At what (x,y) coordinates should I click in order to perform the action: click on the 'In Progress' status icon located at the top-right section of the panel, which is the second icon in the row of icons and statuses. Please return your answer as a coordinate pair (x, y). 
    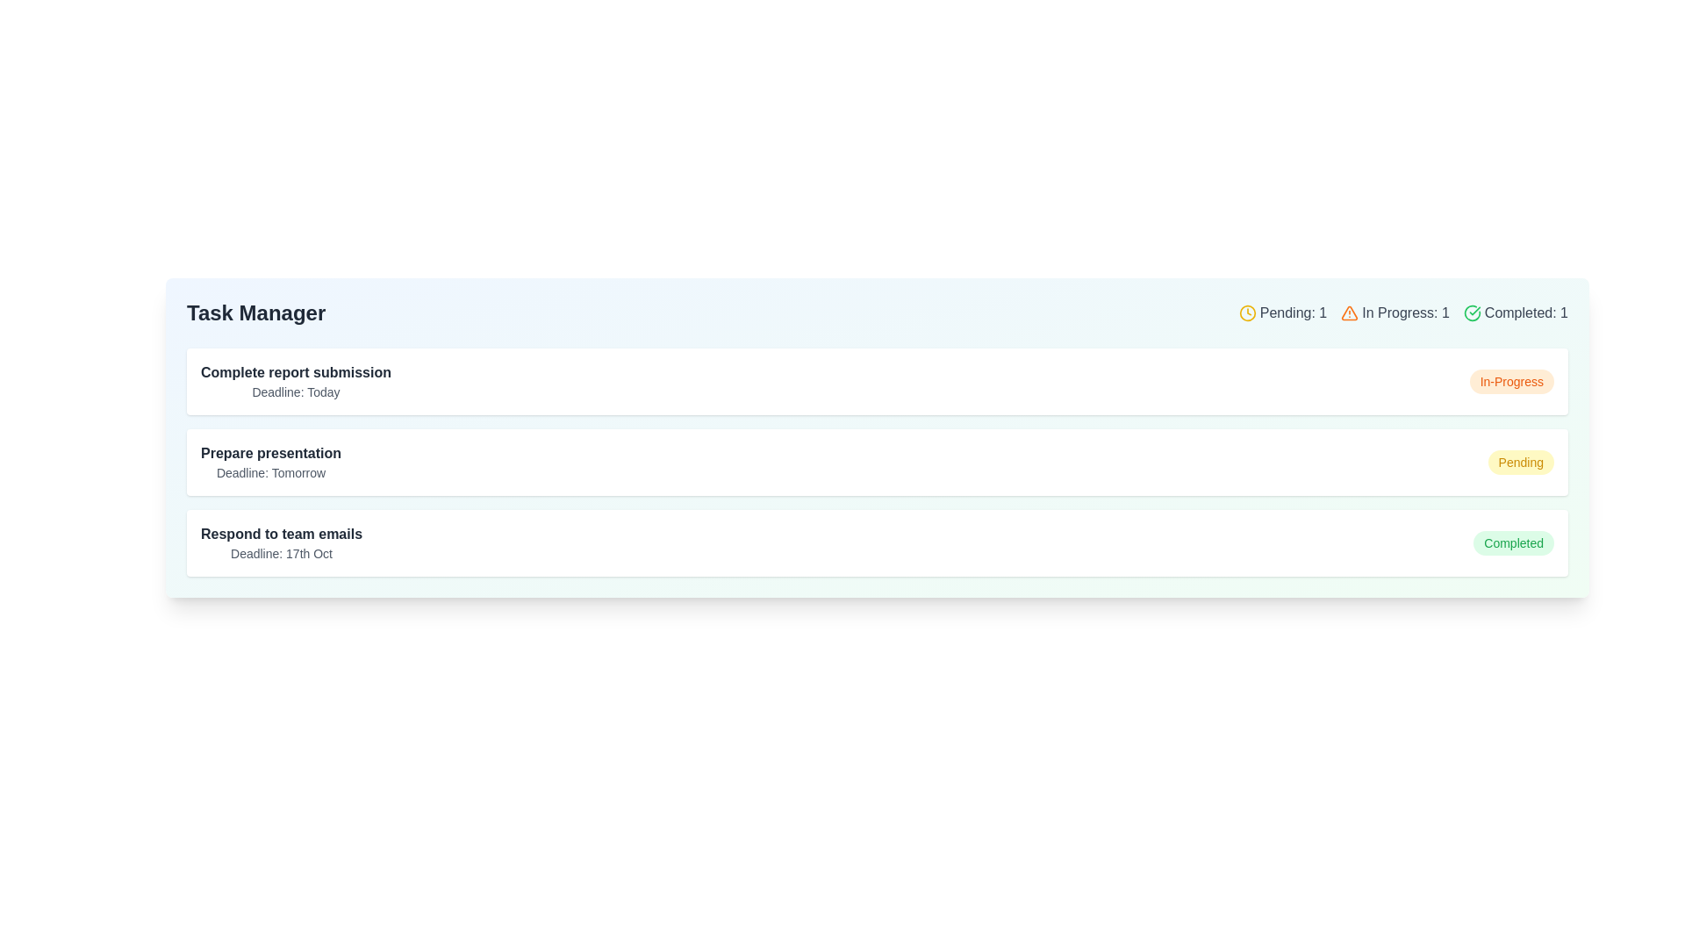
    Looking at the image, I should click on (1349, 312).